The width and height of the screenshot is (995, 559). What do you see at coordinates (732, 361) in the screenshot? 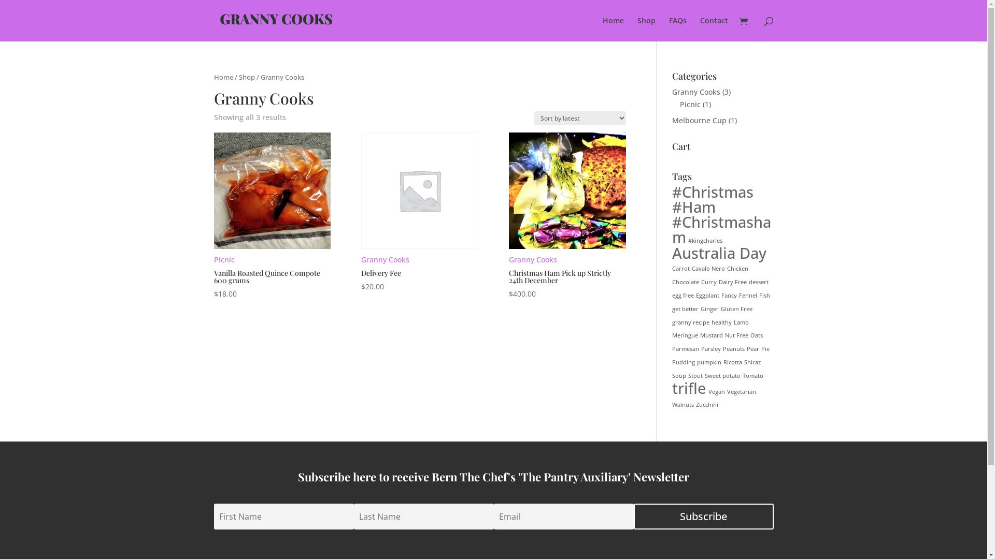
I see `'Ricotta'` at bounding box center [732, 361].